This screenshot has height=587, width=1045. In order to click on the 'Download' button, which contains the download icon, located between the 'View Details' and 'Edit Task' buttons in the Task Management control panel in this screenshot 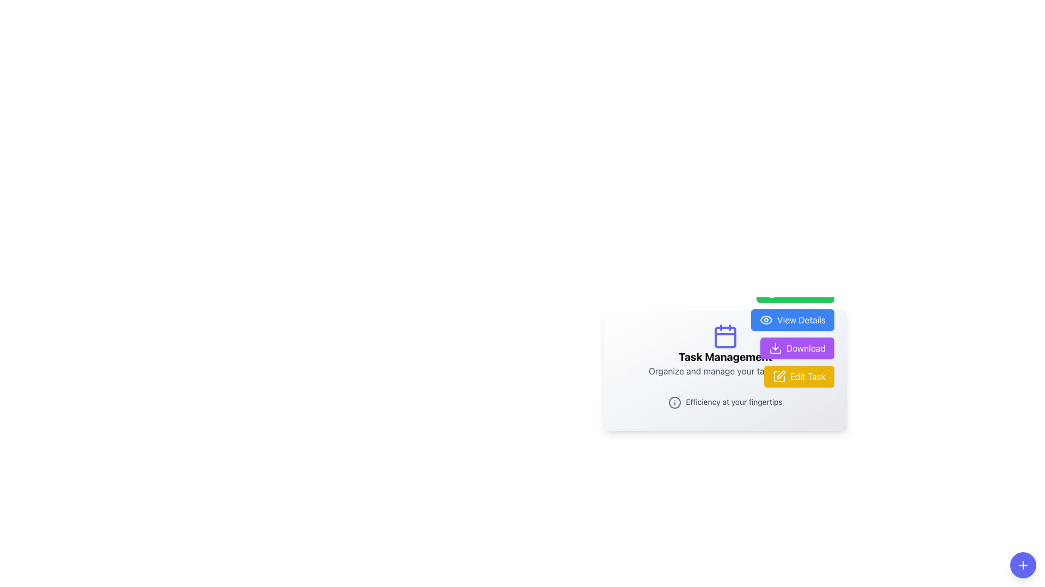, I will do `click(774, 348)`.